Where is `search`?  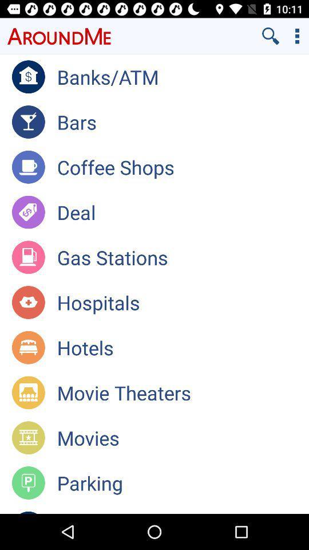
search is located at coordinates (270, 36).